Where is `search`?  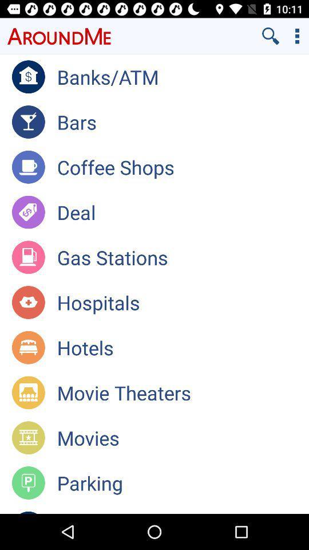
search is located at coordinates (270, 36).